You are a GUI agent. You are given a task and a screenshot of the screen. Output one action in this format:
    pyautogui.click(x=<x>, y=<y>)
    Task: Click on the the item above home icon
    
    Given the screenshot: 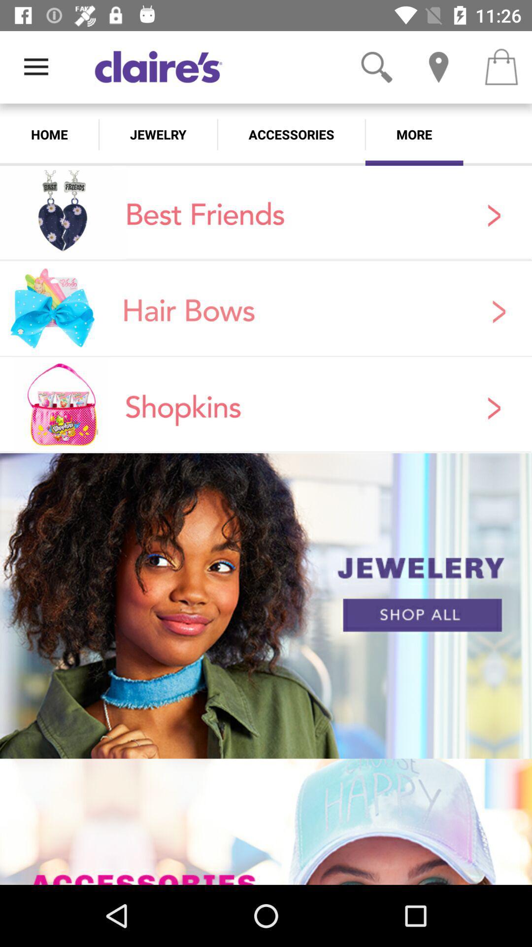 What is the action you would take?
    pyautogui.click(x=35, y=67)
    